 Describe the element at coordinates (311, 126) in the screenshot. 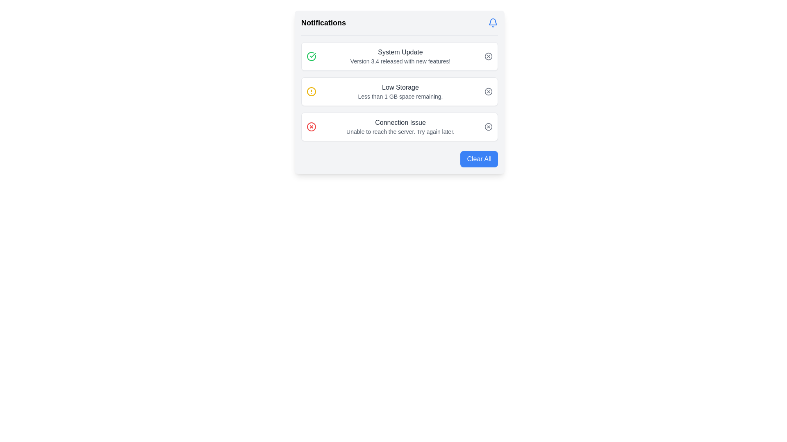

I see `the SVG Circle element that indicates an error state in the third notification item, adjacent to the 'Connection Issue' text` at that location.